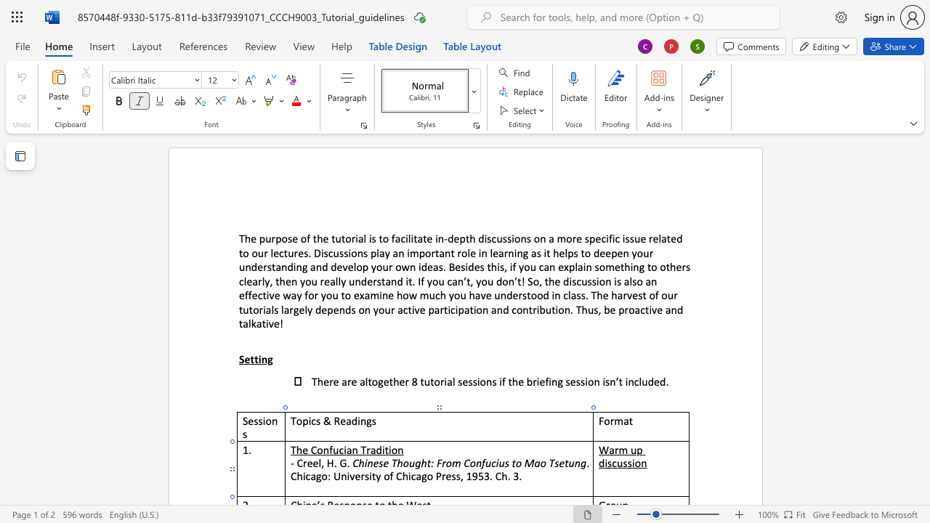 Image resolution: width=930 pixels, height=523 pixels. Describe the element at coordinates (614, 449) in the screenshot. I see `the space between the continuous character "a" and "r" in the text` at that location.